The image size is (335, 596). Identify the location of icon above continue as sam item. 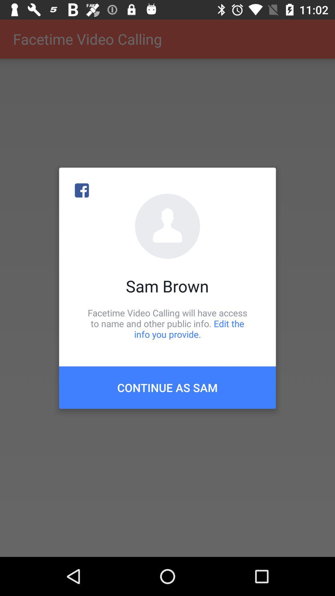
(167, 323).